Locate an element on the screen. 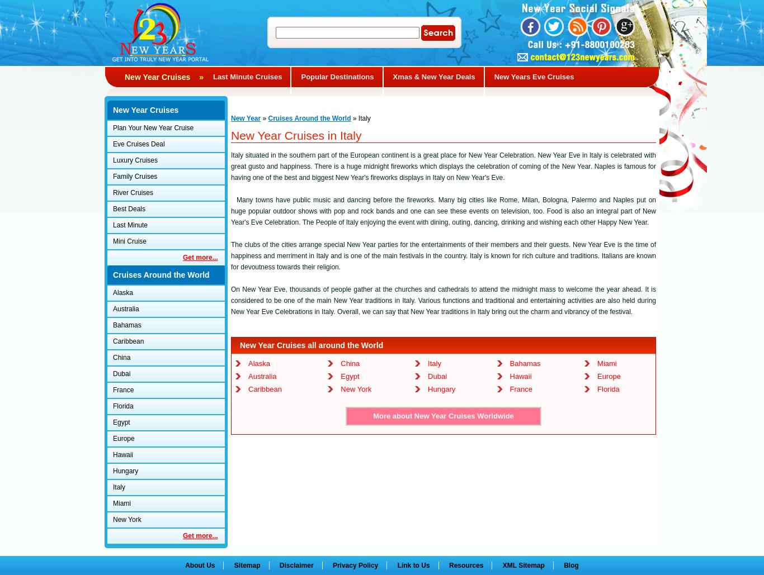 The image size is (764, 575). 'Mini Cruise' is located at coordinates (129, 240).